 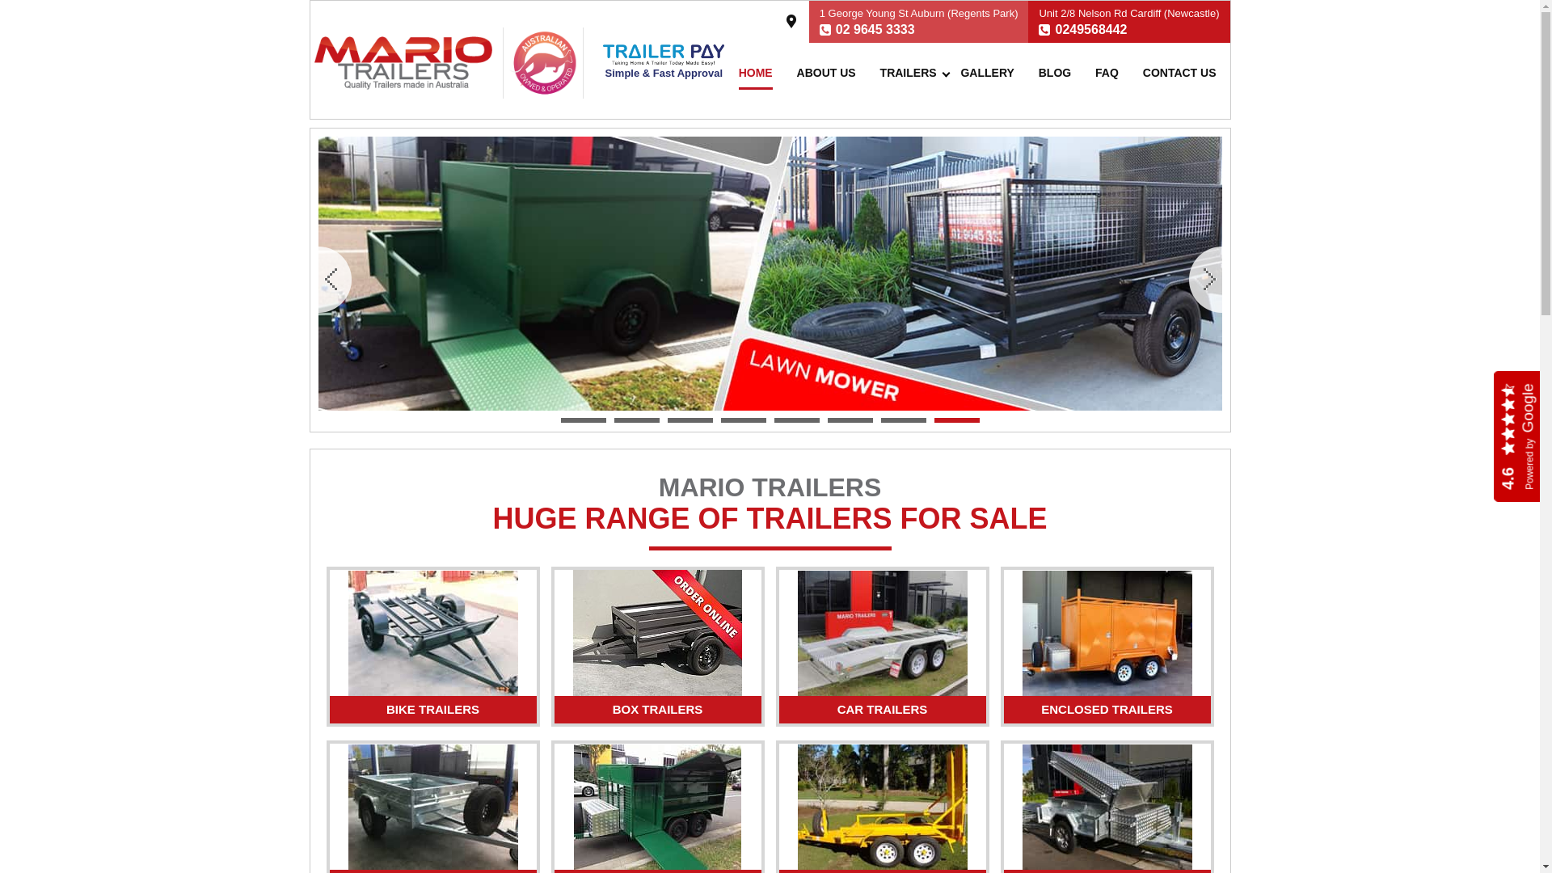 What do you see at coordinates (573, 632) in the screenshot?
I see `'Box  Trailers'` at bounding box center [573, 632].